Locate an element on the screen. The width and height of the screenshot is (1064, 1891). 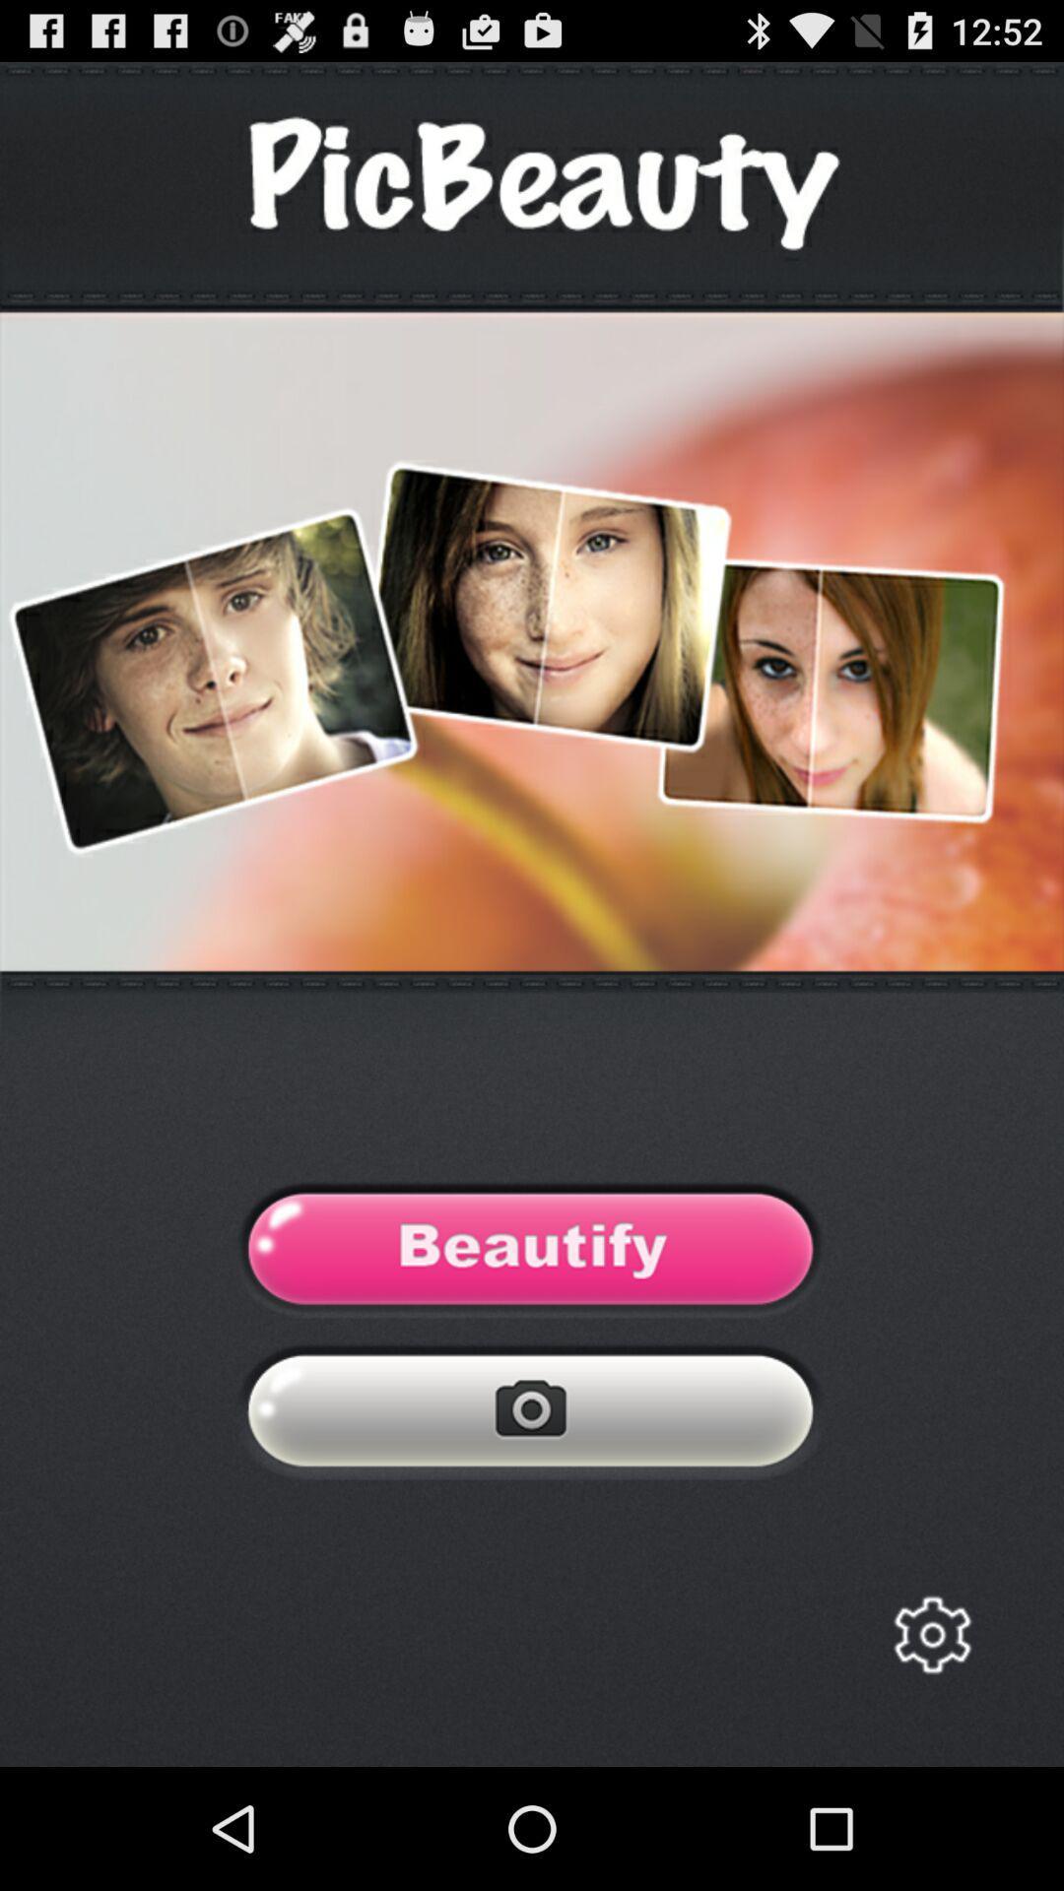
settings is located at coordinates (931, 1635).